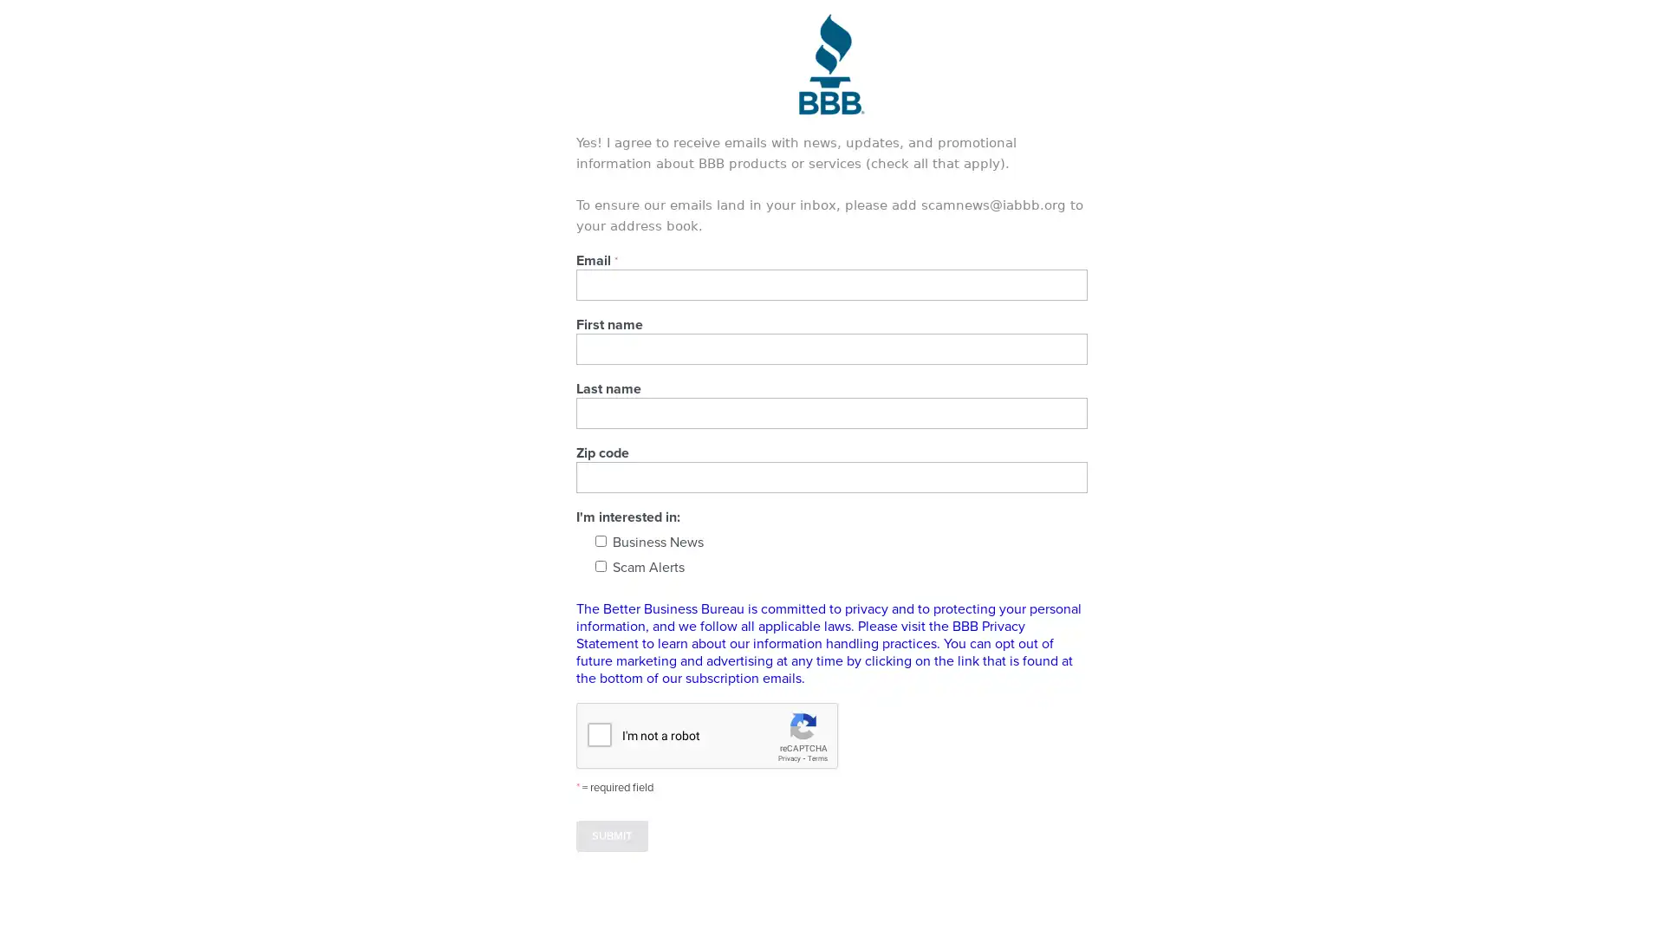 The width and height of the screenshot is (1664, 936). What do you see at coordinates (612, 835) in the screenshot?
I see `Submit` at bounding box center [612, 835].